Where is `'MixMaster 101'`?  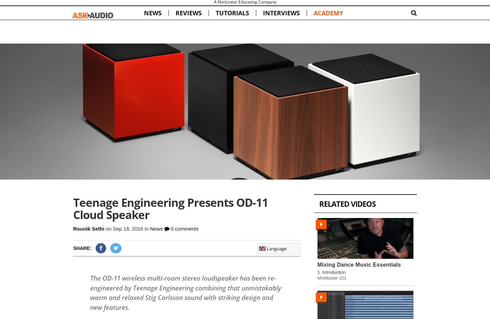
'MixMaster 101' is located at coordinates (331, 278).